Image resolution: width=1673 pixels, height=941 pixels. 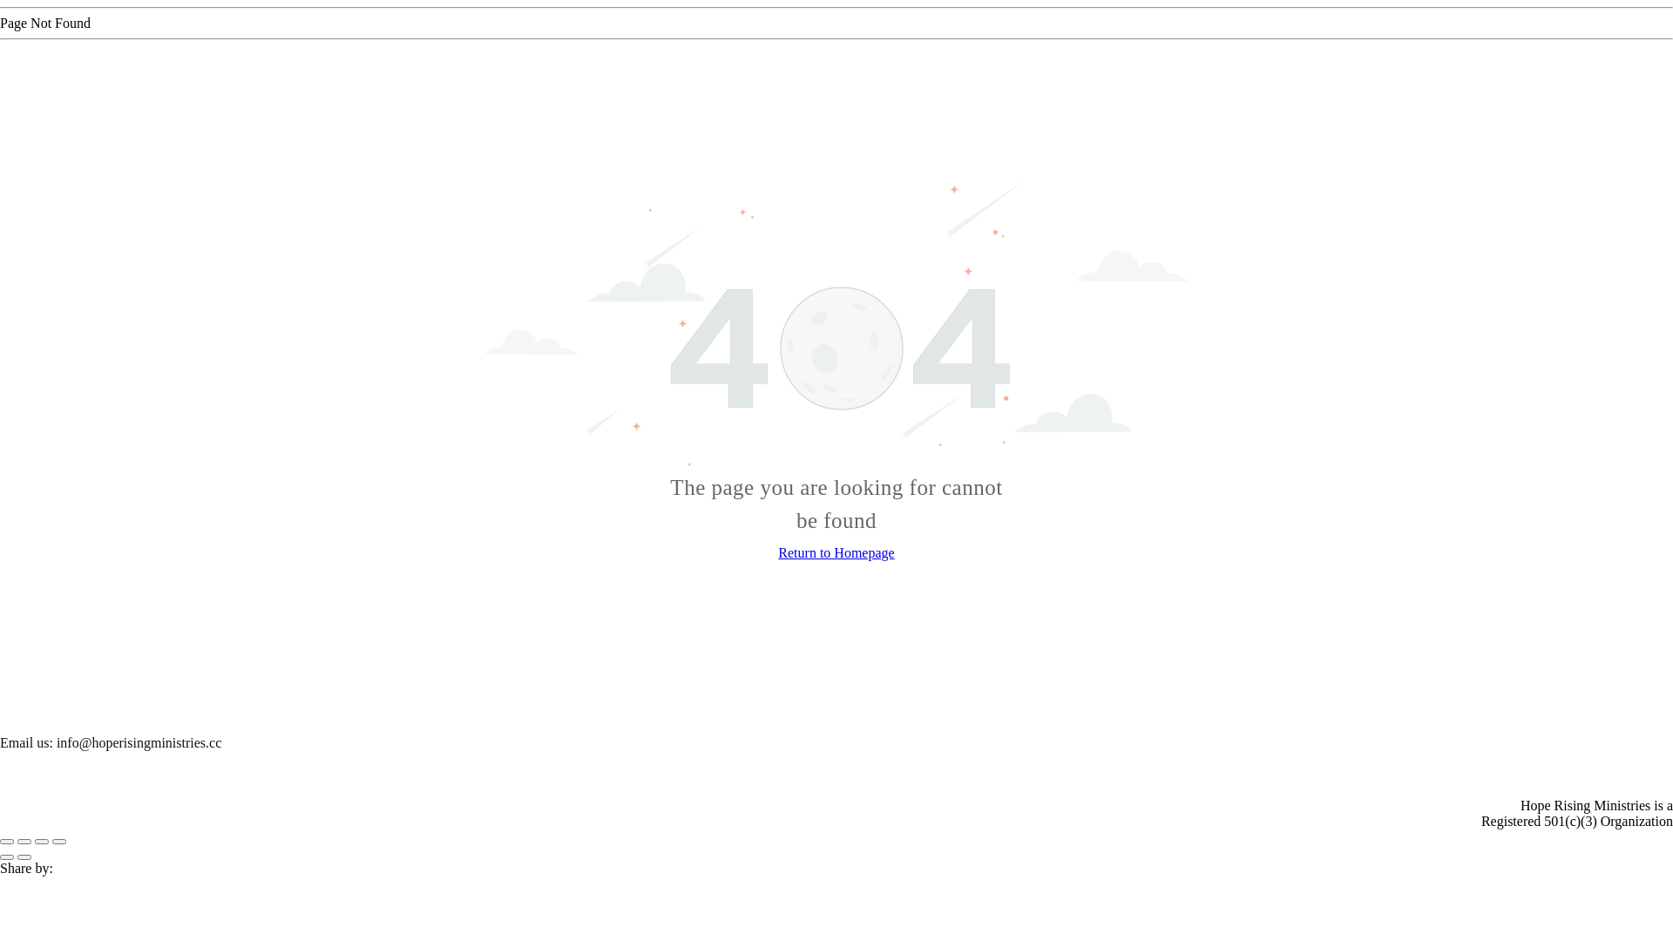 What do you see at coordinates (7, 840) in the screenshot?
I see `'Close (Esc)'` at bounding box center [7, 840].